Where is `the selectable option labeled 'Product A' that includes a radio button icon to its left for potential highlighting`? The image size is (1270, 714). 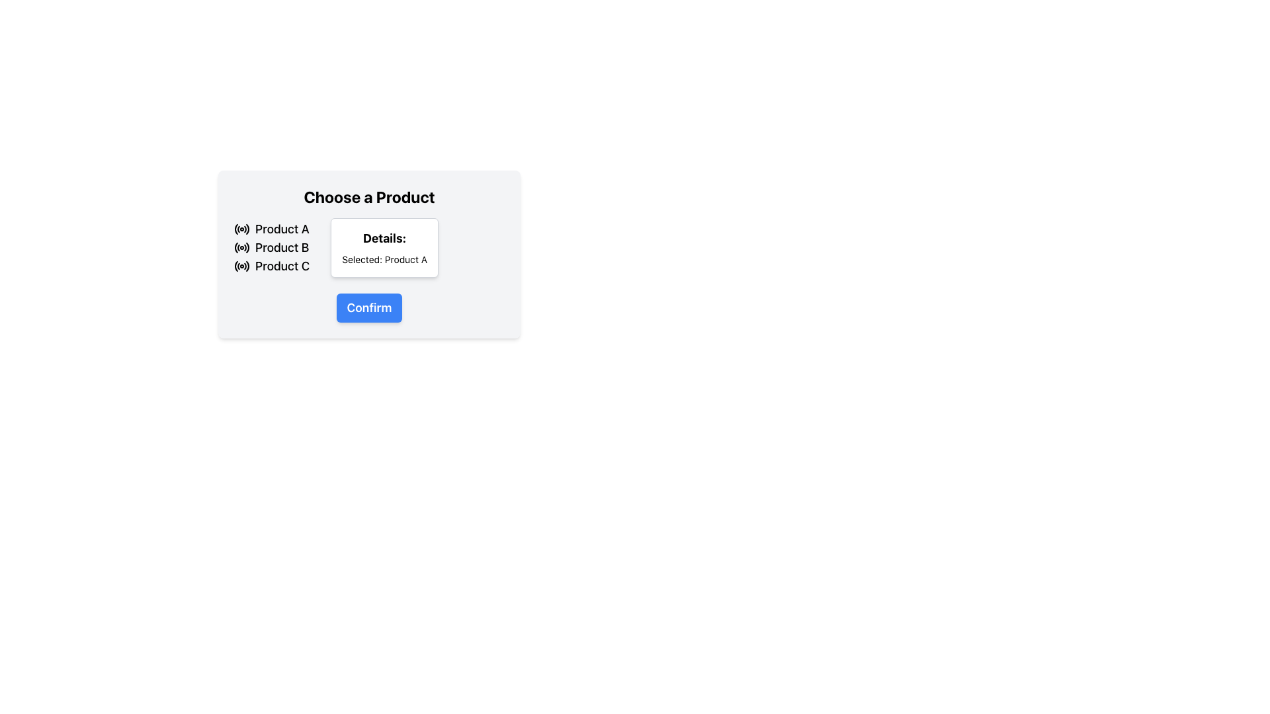 the selectable option labeled 'Product A' that includes a radio button icon to its left for potential highlighting is located at coordinates (271, 229).